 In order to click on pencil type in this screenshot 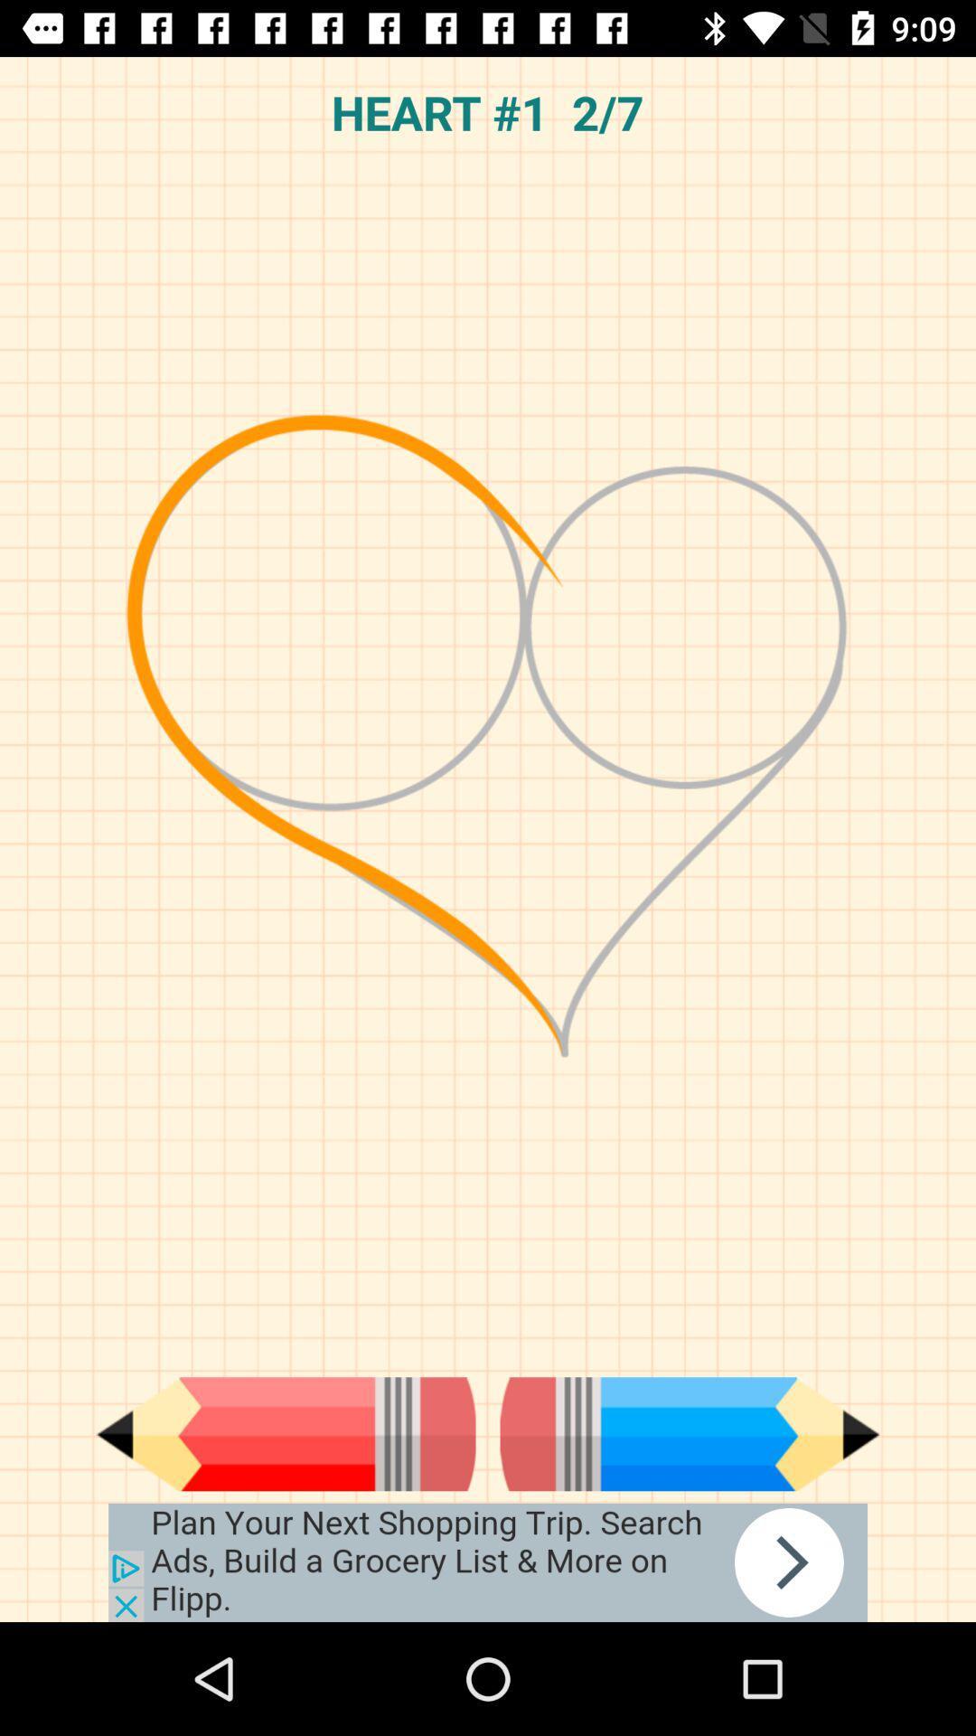, I will do `click(690, 1433)`.